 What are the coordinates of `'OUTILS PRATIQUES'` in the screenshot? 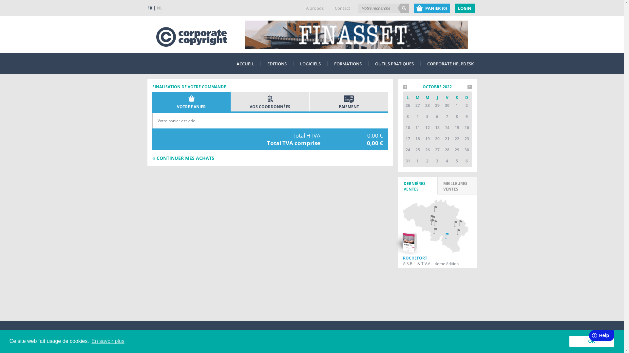 It's located at (371, 64).